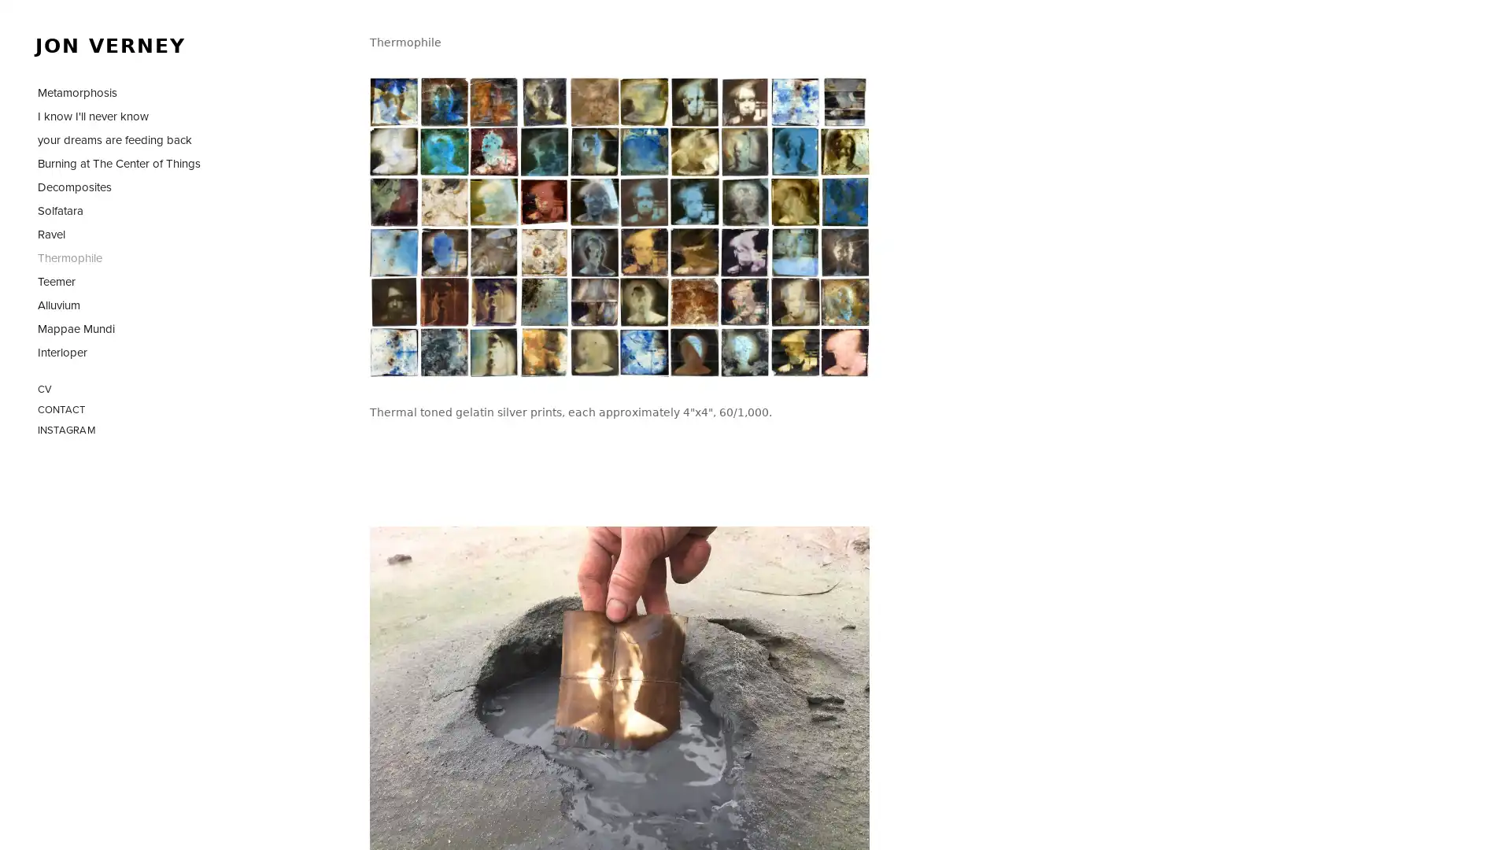 Image resolution: width=1511 pixels, height=850 pixels. Describe the element at coordinates (593, 151) in the screenshot. I see `View fullsize jon_verney_thermophile_21.jpg` at that location.